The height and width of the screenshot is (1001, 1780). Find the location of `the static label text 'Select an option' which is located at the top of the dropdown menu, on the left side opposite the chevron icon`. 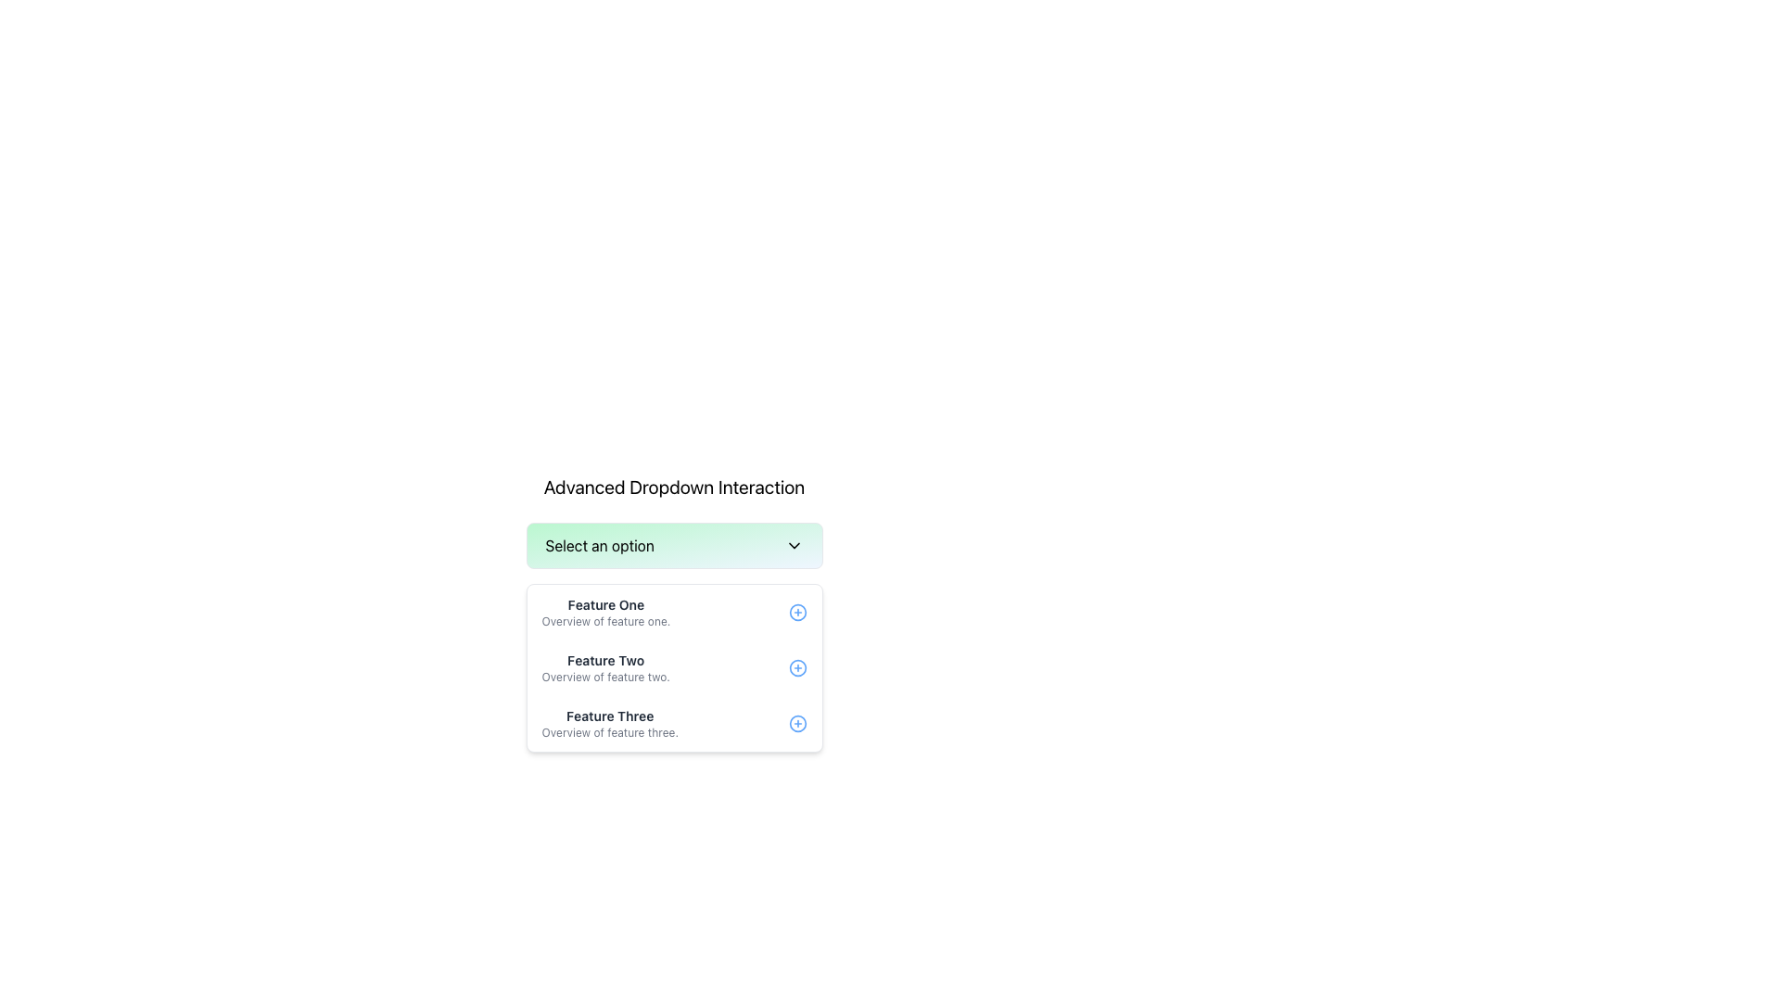

the static label text 'Select an option' which is located at the top of the dropdown menu, on the left side opposite the chevron icon is located at coordinates (600, 545).